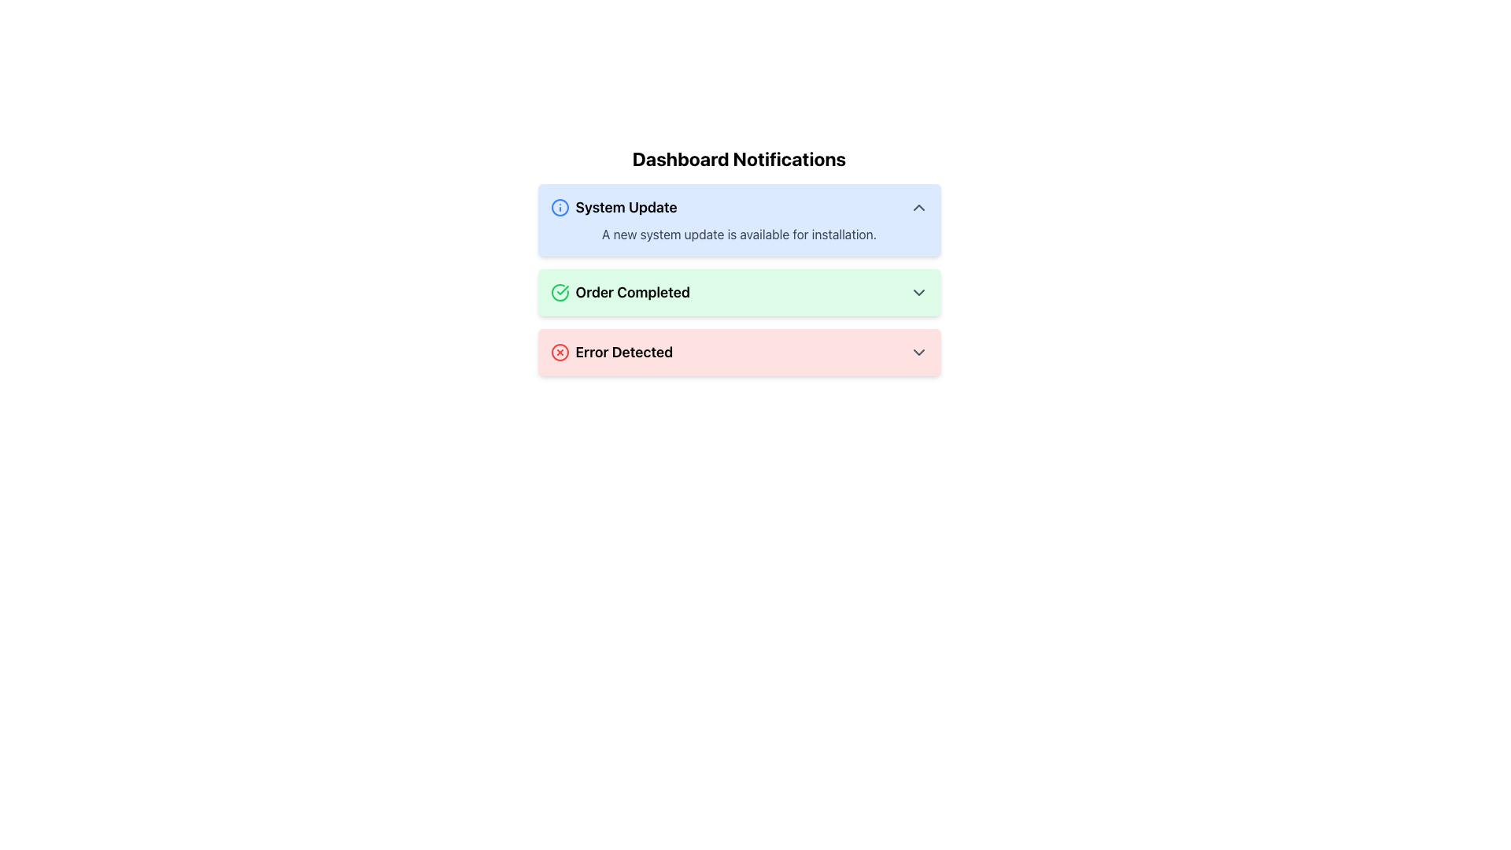  What do you see at coordinates (560, 351) in the screenshot?
I see `the SVG circle element representing an error or warning state in the 'Error Detected' notification panel, which is the third panel in the column of notifications` at bounding box center [560, 351].